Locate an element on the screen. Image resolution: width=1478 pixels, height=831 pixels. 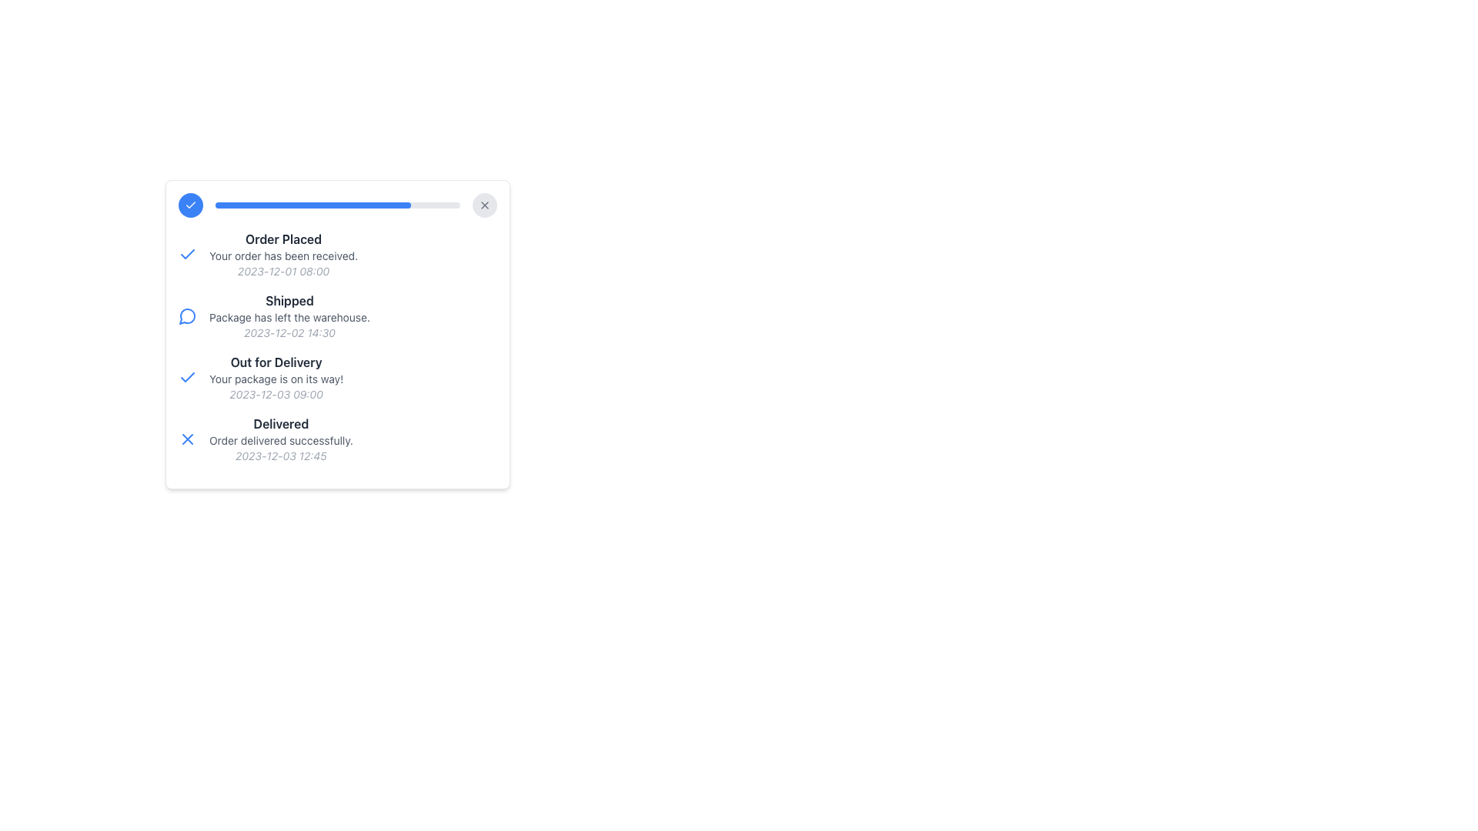
the multi-line text display component that shows 'Delivered', 'Order delivered successfully.', and a timestamp, located at the bottom of the vertical timeline is located at coordinates (281, 439).